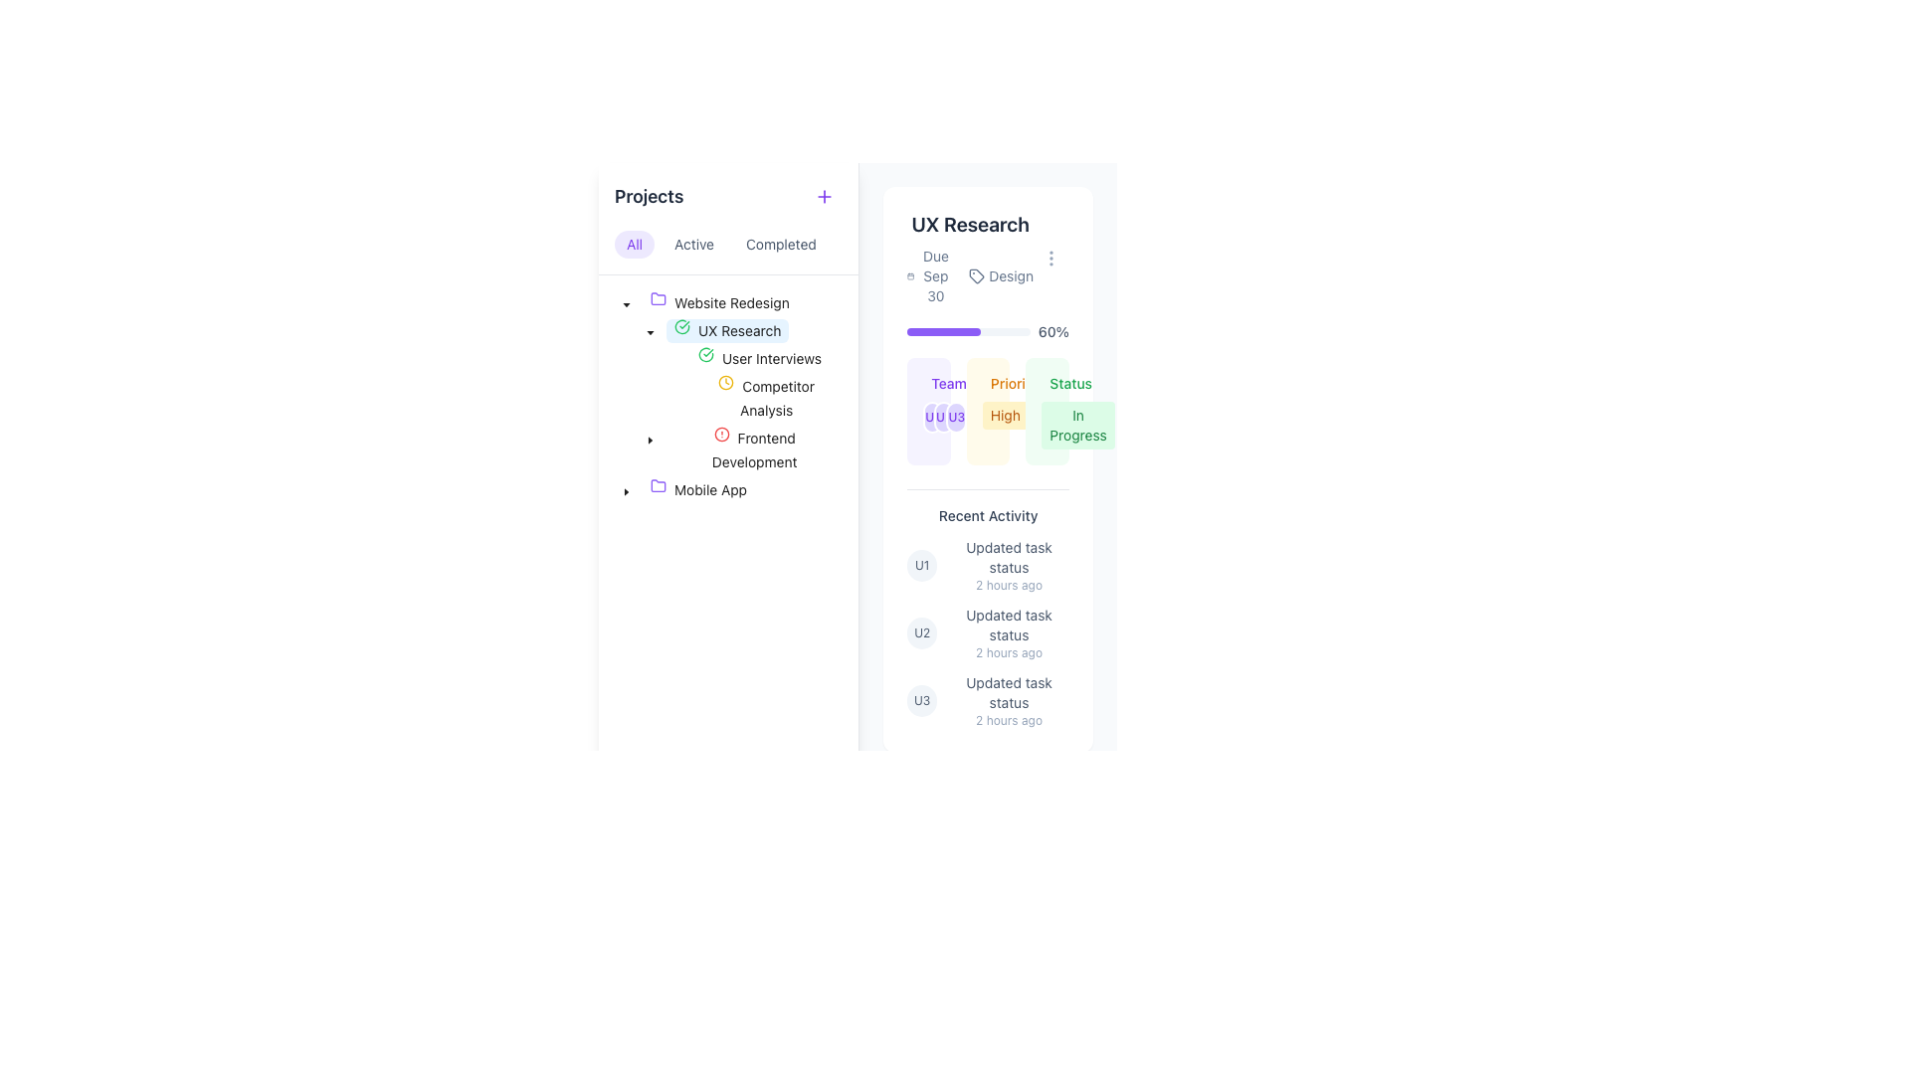 This screenshot has height=1074, width=1910. I want to click on the circular icon with a light slate-gray background and 'U1' text, so click(921, 566).